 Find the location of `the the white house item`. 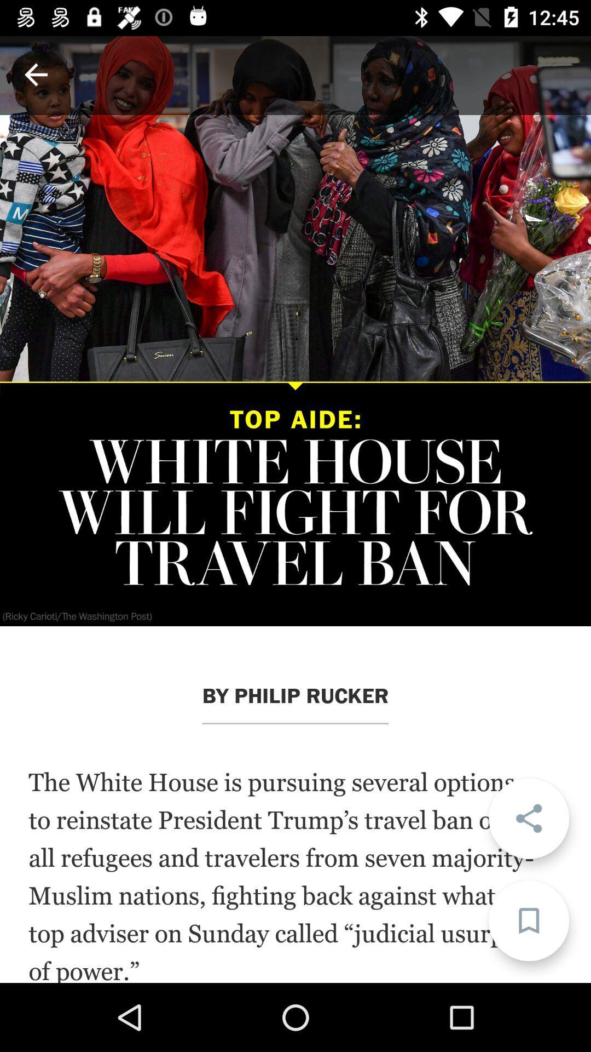

the the white house item is located at coordinates (296, 874).